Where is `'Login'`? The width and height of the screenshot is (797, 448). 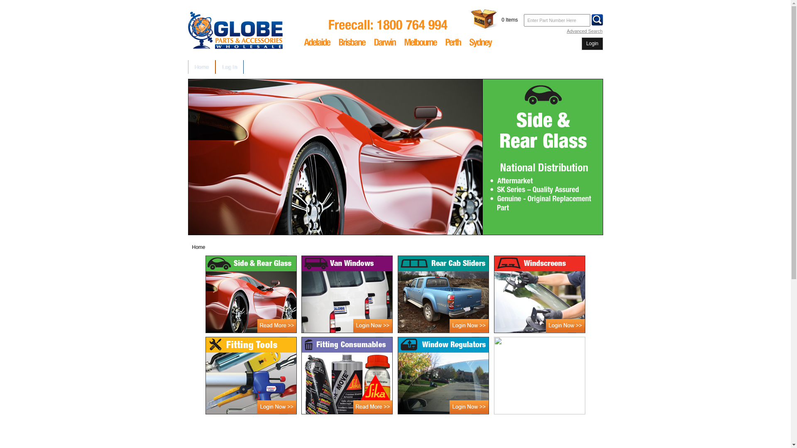
'Login' is located at coordinates (585, 44).